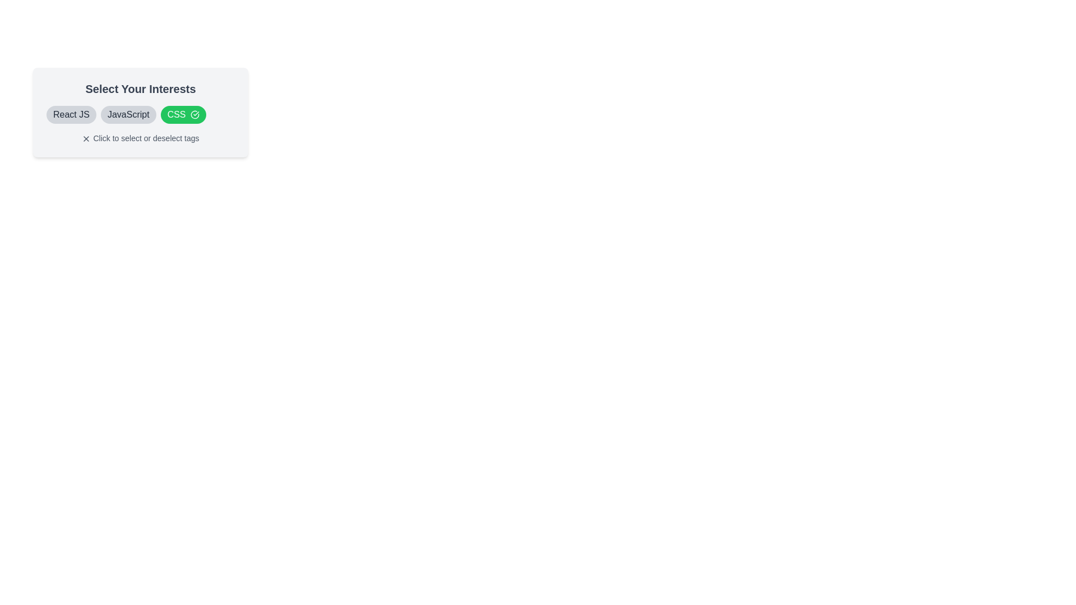 The width and height of the screenshot is (1076, 605). I want to click on the 'JavaScript' text label, which is styled in bold black font and located in a rounded rectangle with a light gray background, so click(128, 114).